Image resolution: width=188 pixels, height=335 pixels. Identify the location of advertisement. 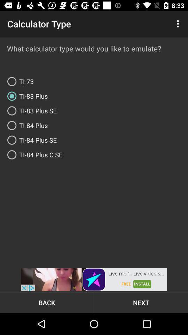
(94, 280).